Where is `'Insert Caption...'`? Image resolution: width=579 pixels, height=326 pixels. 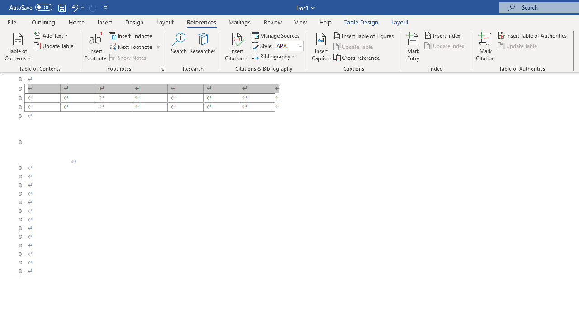 'Insert Caption...' is located at coordinates (321, 47).